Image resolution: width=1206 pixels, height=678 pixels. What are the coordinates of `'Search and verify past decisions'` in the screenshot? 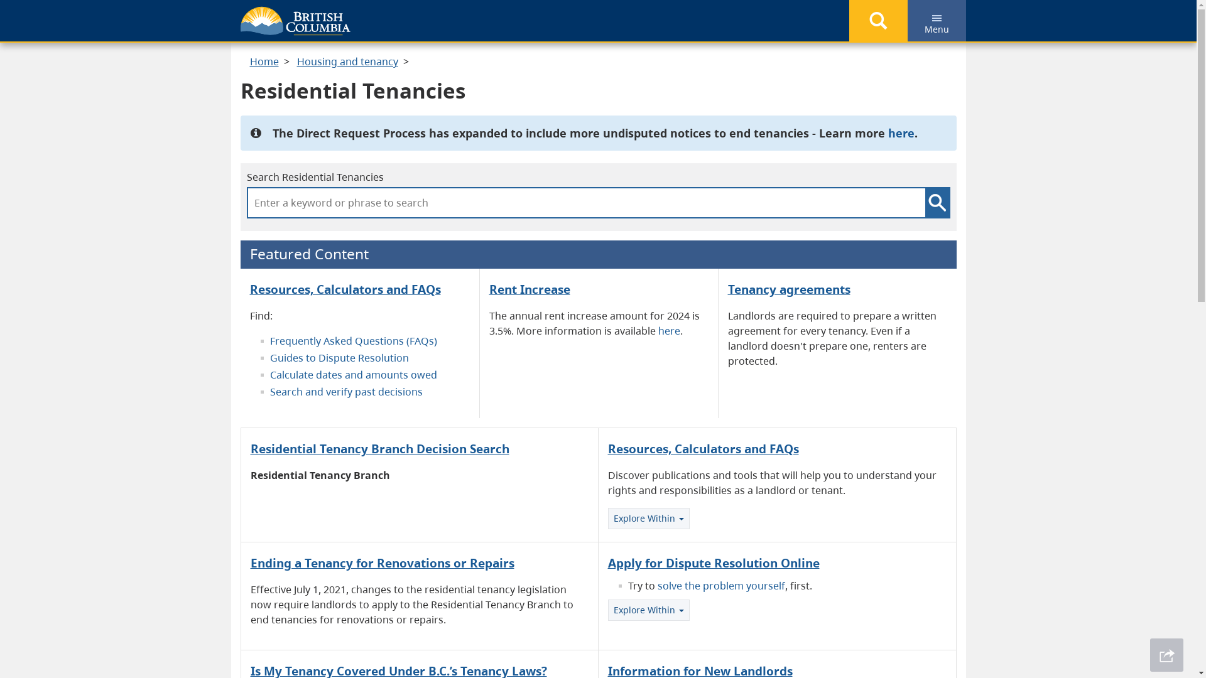 It's located at (269, 391).